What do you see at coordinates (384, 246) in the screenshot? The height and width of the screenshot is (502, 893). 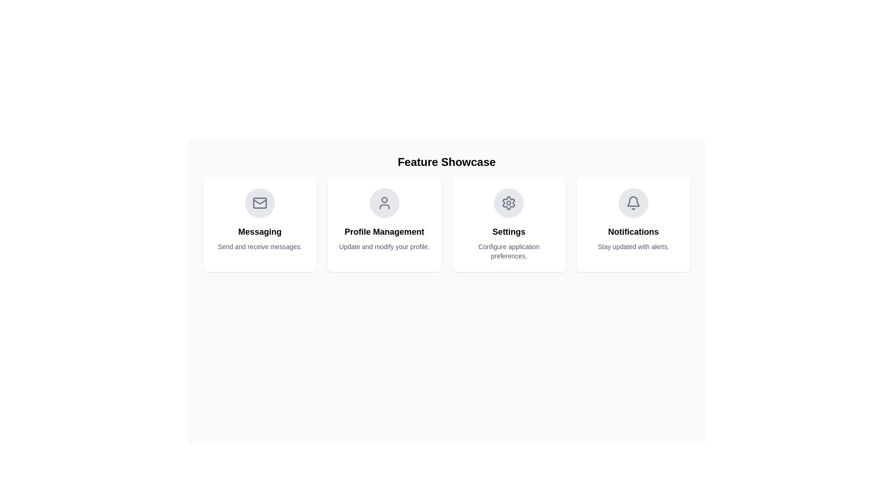 I see `the text label reading 'Update and modify your profile.' which is positioned beneath the header 'Profile Management' in the second card of the grid` at bounding box center [384, 246].